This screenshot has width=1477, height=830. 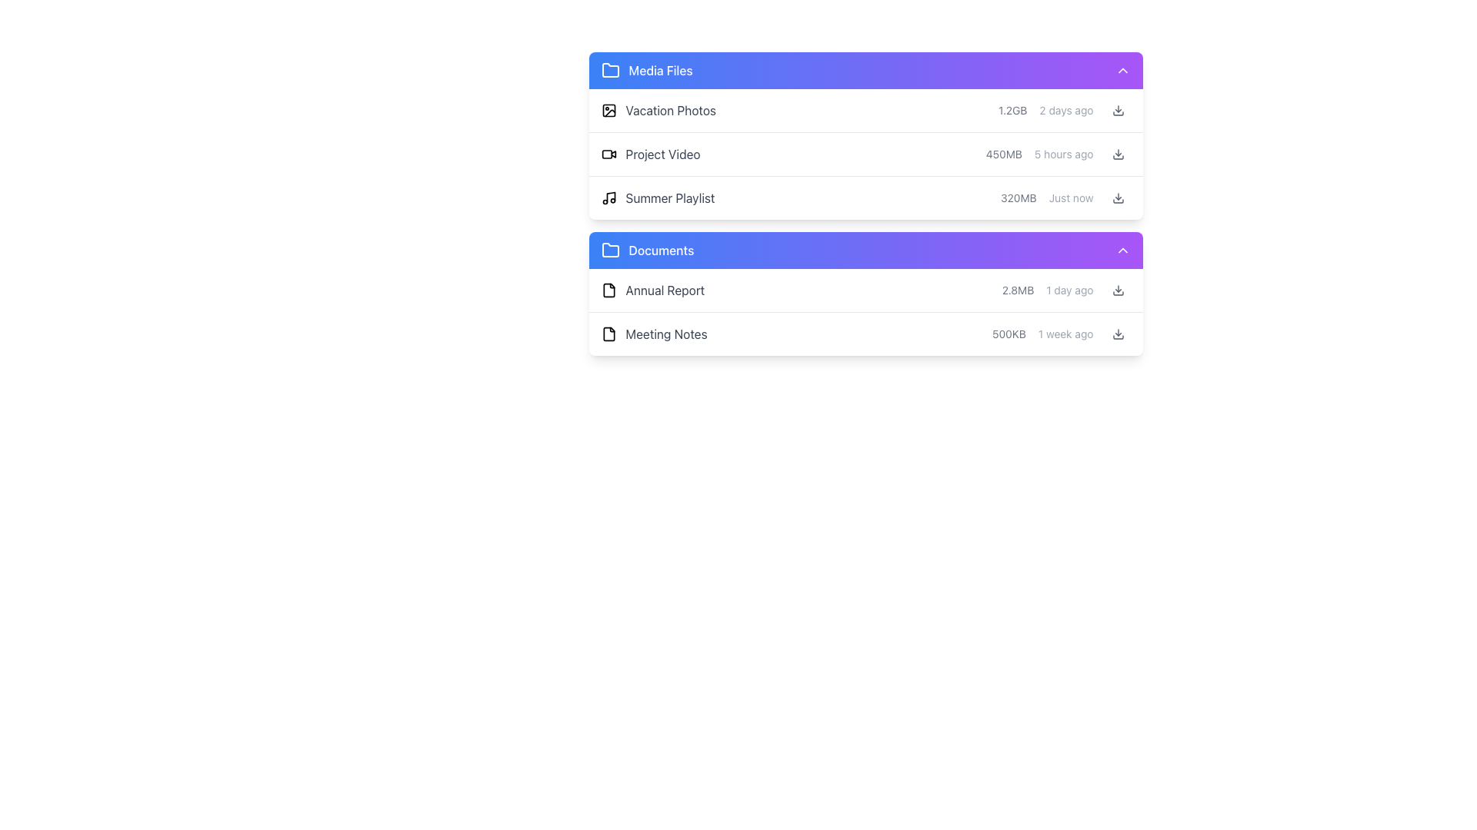 What do you see at coordinates (865, 198) in the screenshot?
I see `the third media file list item labeled 'Summer Playlist'` at bounding box center [865, 198].